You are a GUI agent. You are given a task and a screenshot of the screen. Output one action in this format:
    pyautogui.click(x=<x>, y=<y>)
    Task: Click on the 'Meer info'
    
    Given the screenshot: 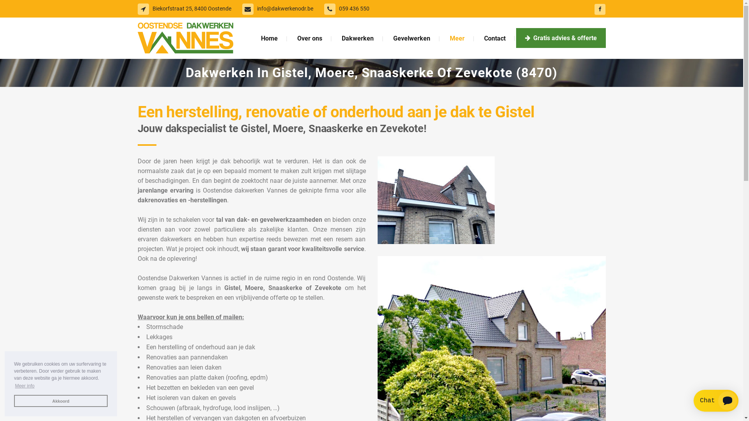 What is the action you would take?
    pyautogui.click(x=25, y=386)
    